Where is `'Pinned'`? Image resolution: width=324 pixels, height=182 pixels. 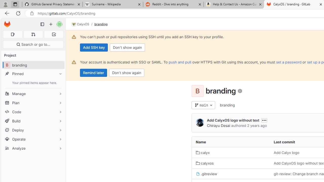 'Pinned' is located at coordinates (33, 74).